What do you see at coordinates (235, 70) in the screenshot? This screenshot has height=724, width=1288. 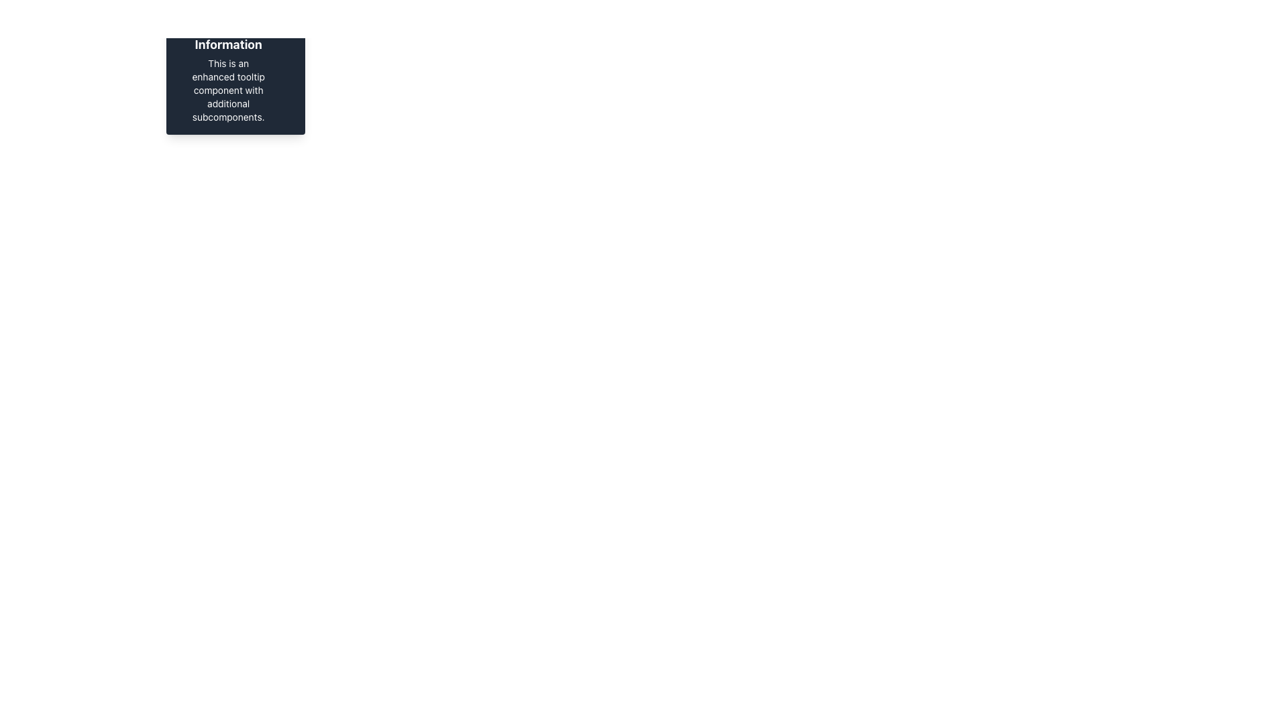 I see `the tooltip component with a dark background, rounded corners, and white text that displays 'Information'` at bounding box center [235, 70].